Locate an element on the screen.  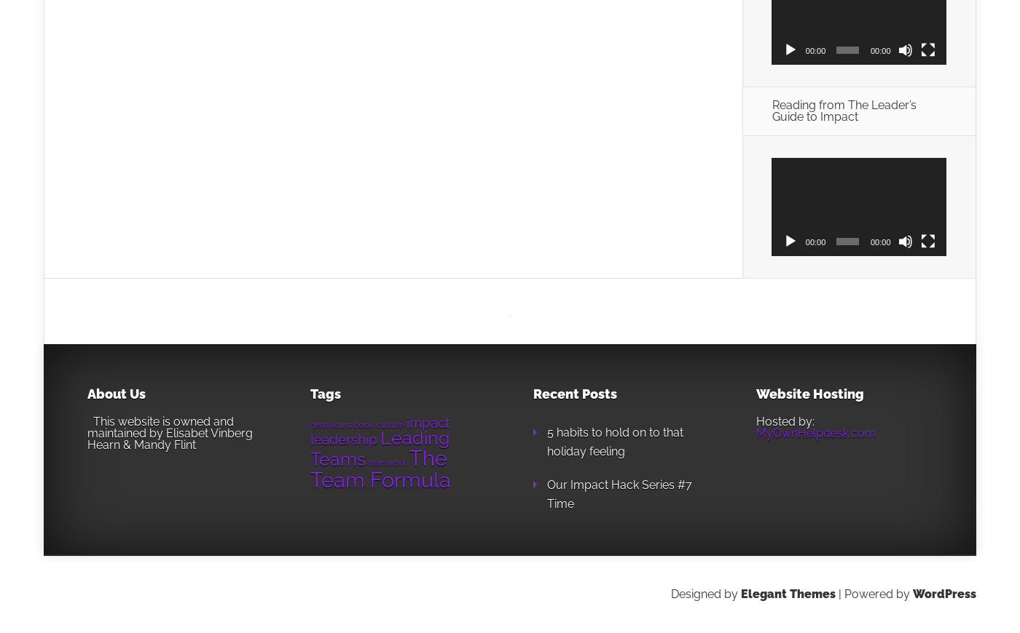
'The Team Formula' is located at coordinates (380, 468).